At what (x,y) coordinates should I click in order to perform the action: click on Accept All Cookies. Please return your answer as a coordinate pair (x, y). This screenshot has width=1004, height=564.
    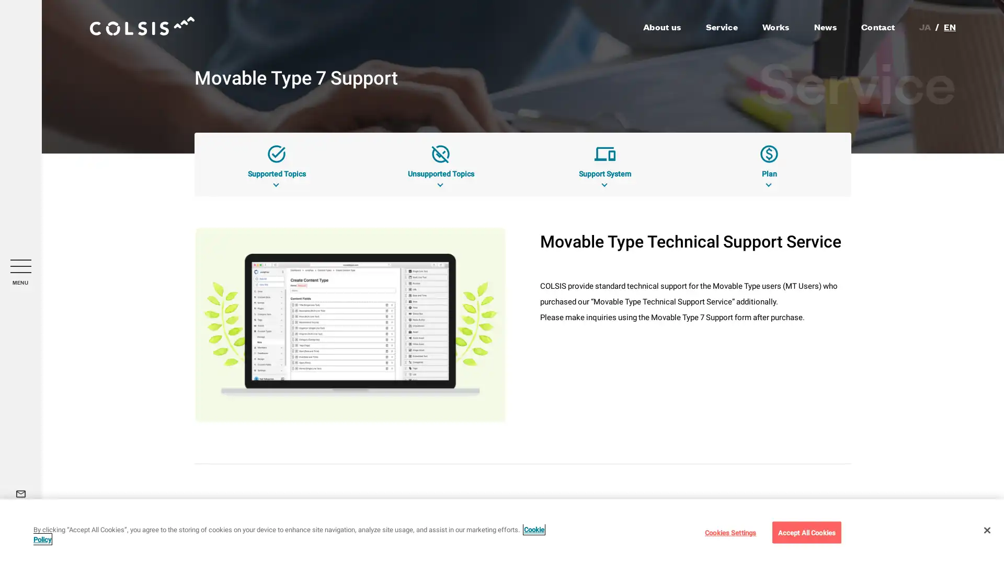
    Looking at the image, I should click on (806, 532).